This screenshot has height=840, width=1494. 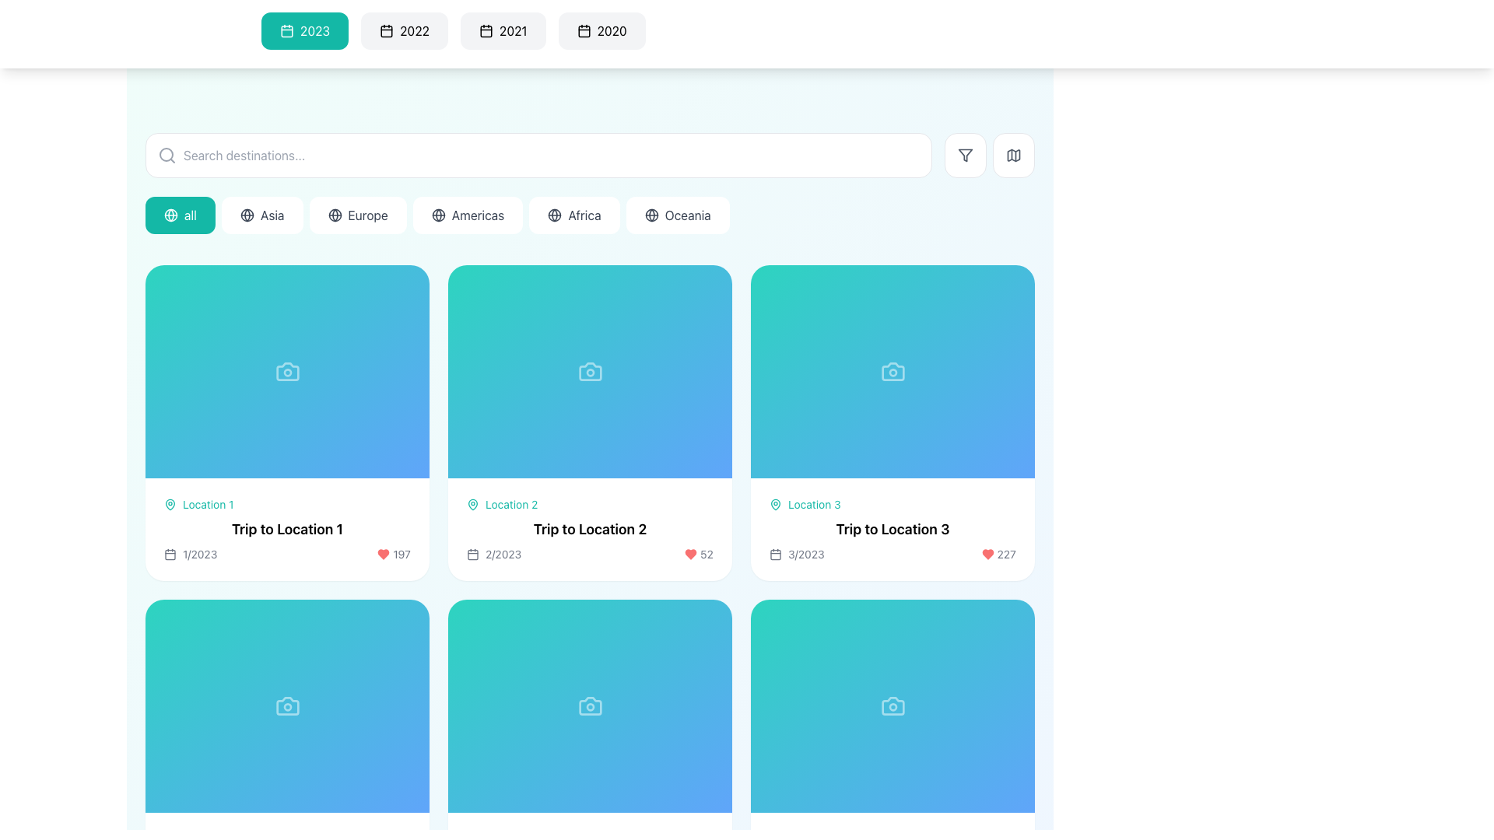 I want to click on the heart icon located at the bottom-right corner of the card titled 'Trip to Location 3' to like or favorite the item, so click(x=987, y=553).